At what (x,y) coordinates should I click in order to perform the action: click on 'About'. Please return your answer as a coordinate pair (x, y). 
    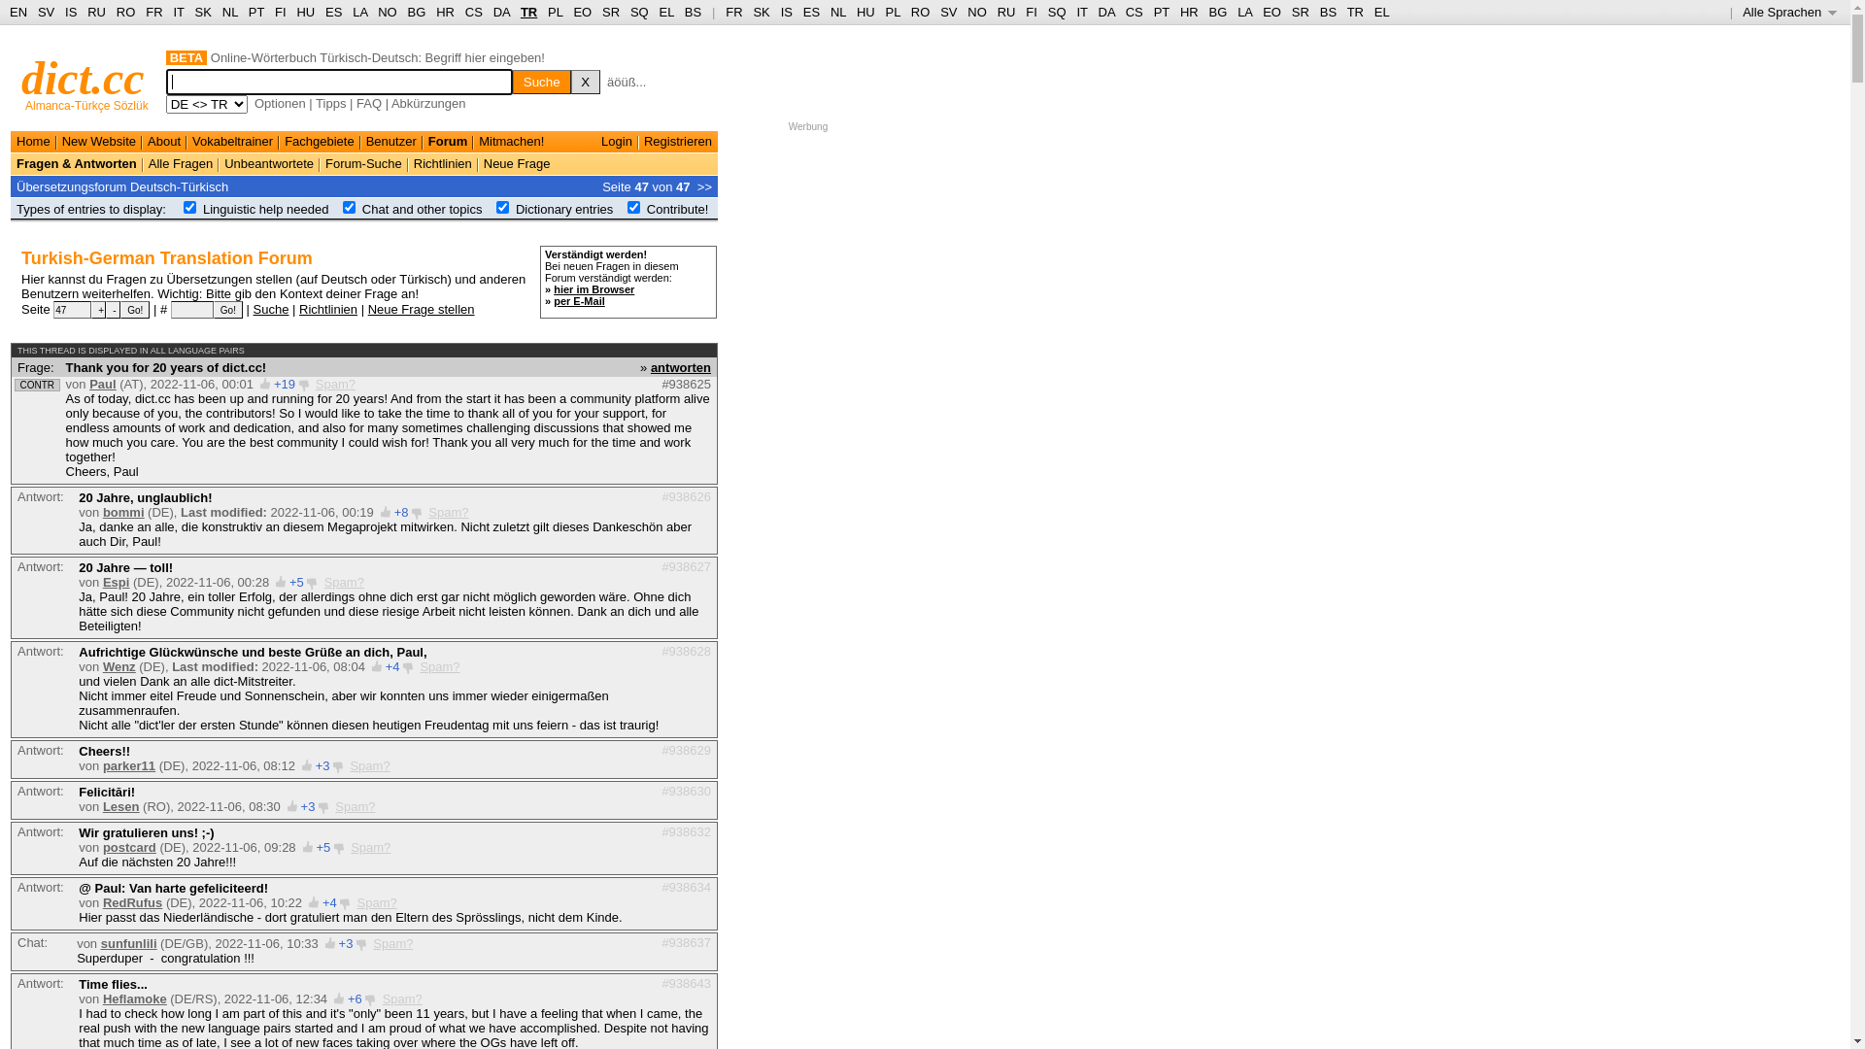
    Looking at the image, I should click on (163, 140).